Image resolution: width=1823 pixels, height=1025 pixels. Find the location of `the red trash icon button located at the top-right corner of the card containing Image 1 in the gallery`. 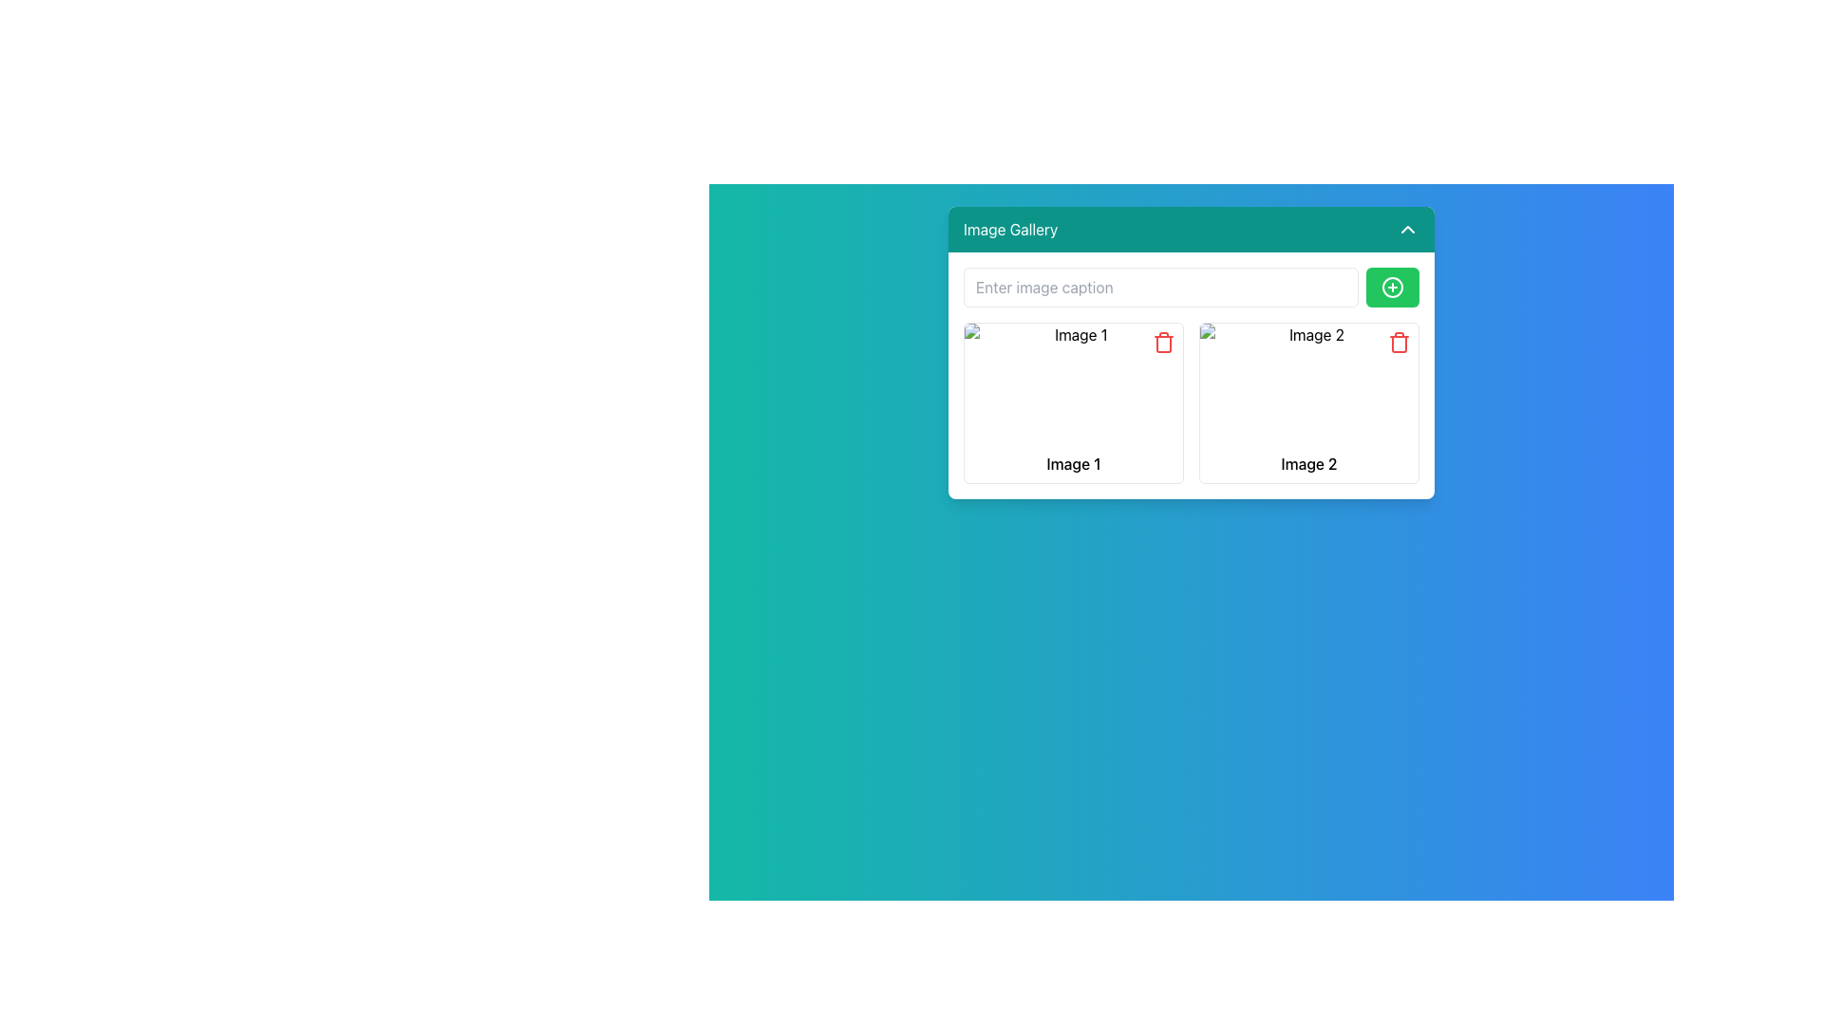

the red trash icon button located at the top-right corner of the card containing Image 1 in the gallery is located at coordinates (1162, 343).